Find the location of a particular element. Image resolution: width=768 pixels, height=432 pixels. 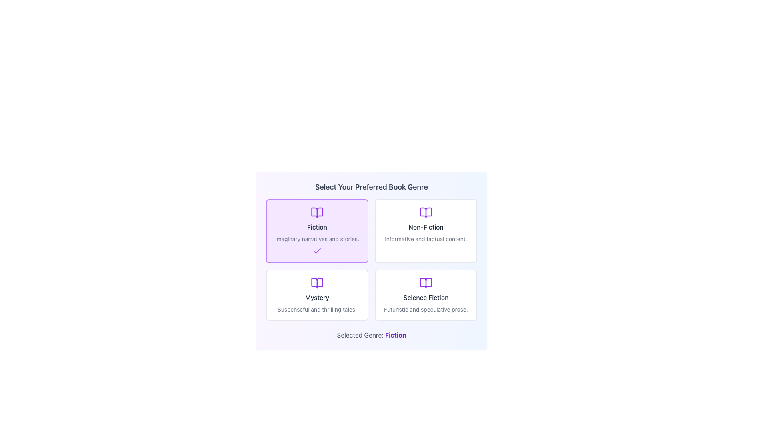

the purple open book icon located above the 'Non-Fiction' heading in the UI is located at coordinates (426, 212).